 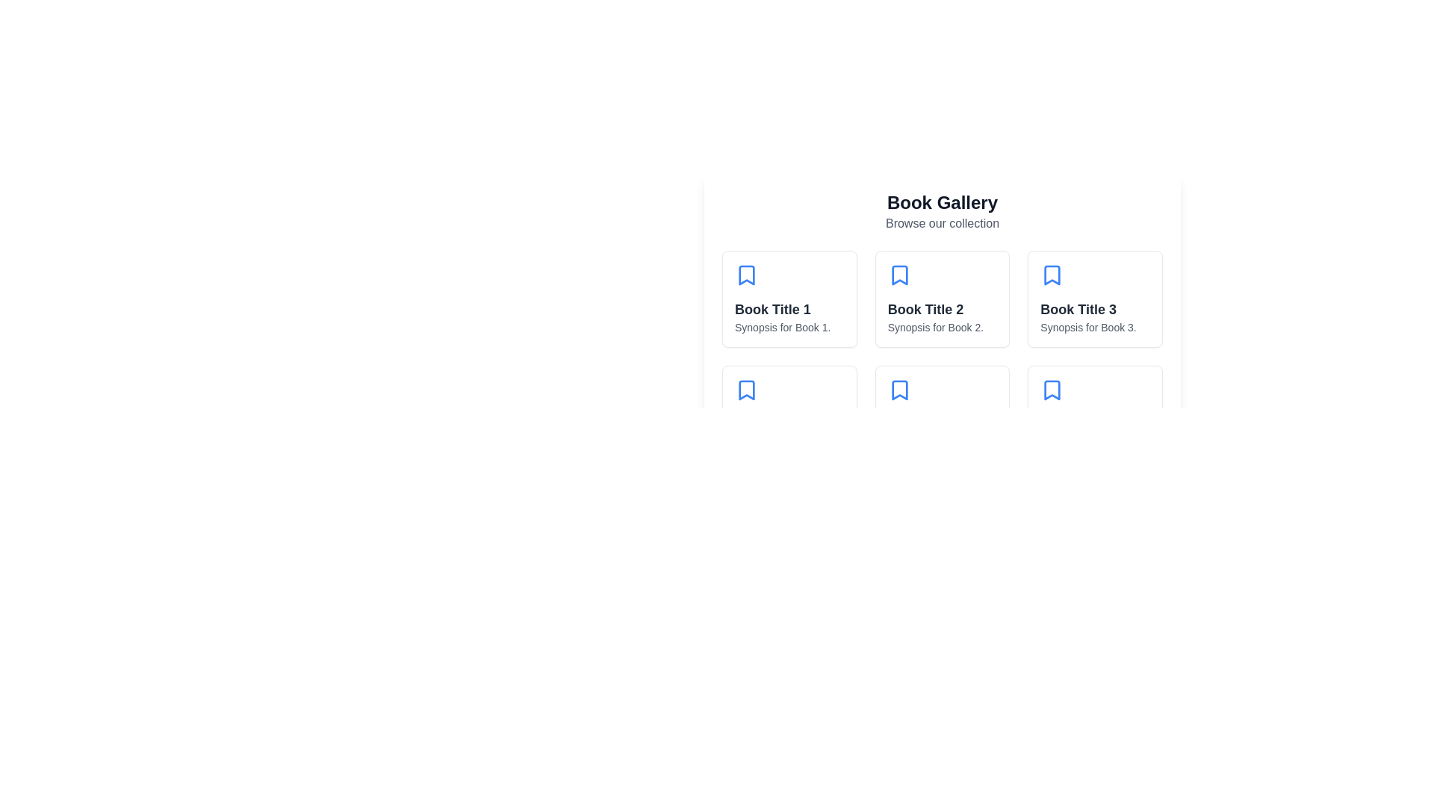 I want to click on the static text displaying 'Synopsis for Book 3.' located at the bottom of the third card in the 'Book Gallery' section, so click(x=1088, y=327).